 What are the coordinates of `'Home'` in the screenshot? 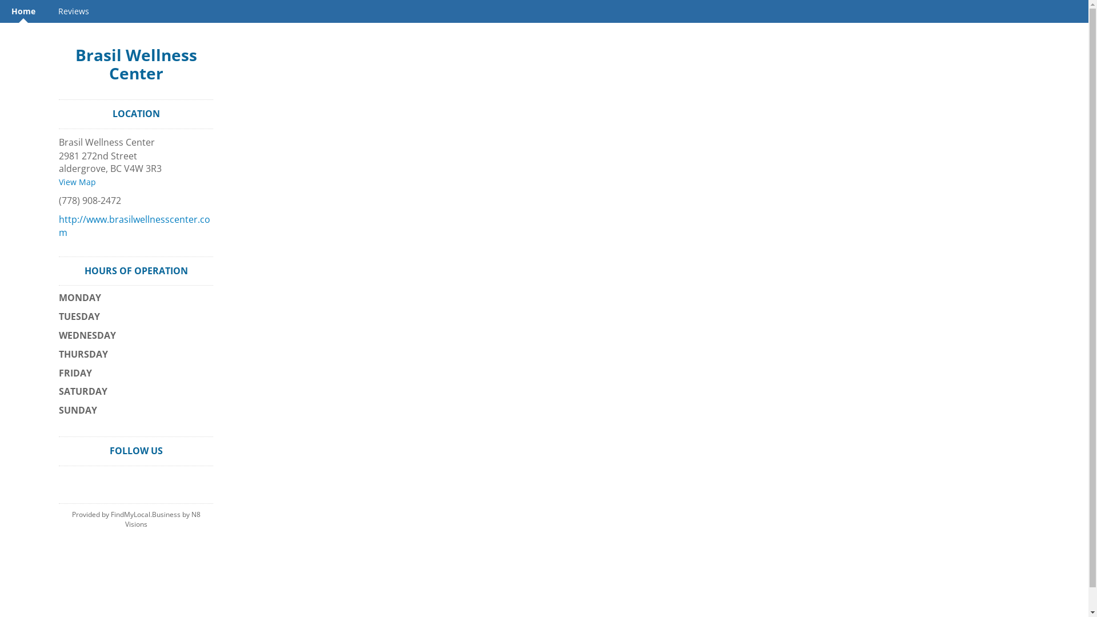 It's located at (23, 11).